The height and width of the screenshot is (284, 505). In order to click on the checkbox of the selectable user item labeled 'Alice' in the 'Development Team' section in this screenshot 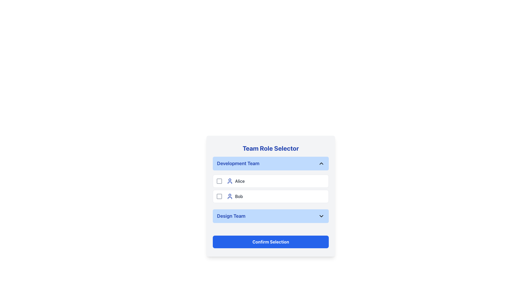, I will do `click(271, 181)`.